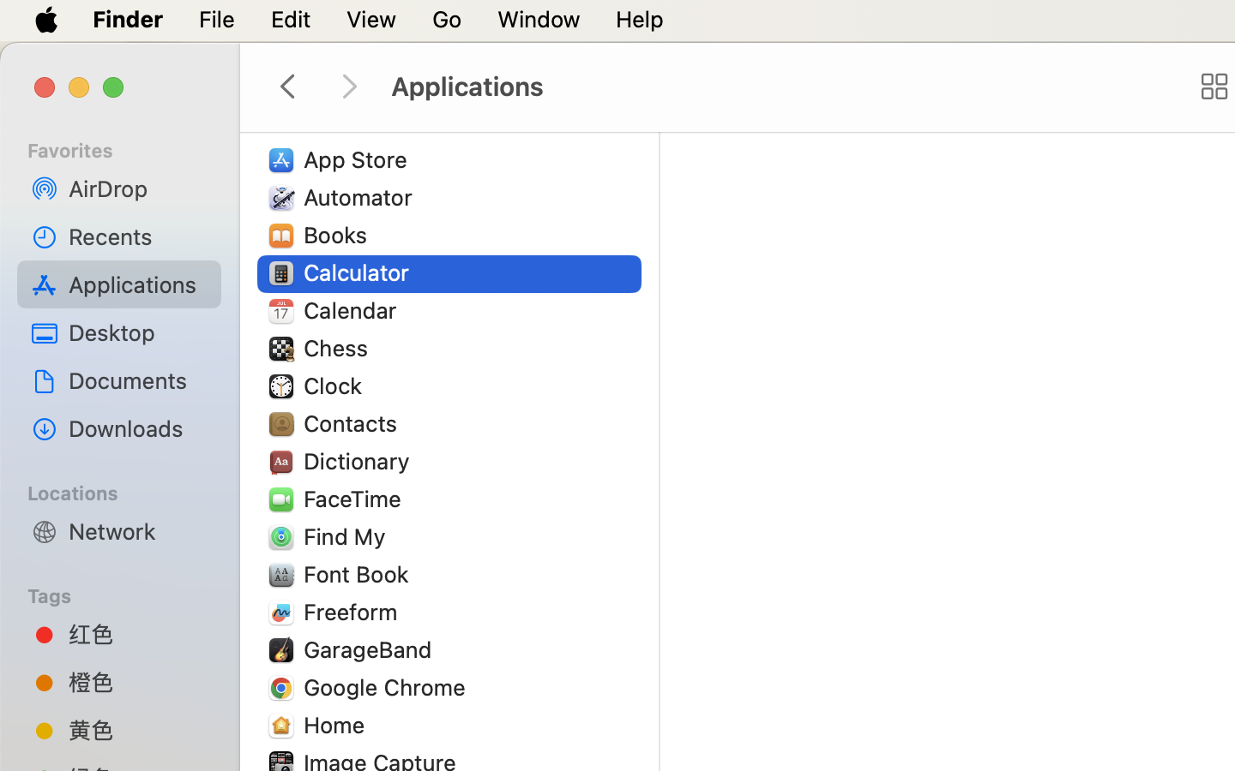  What do you see at coordinates (136, 380) in the screenshot?
I see `'Documents'` at bounding box center [136, 380].